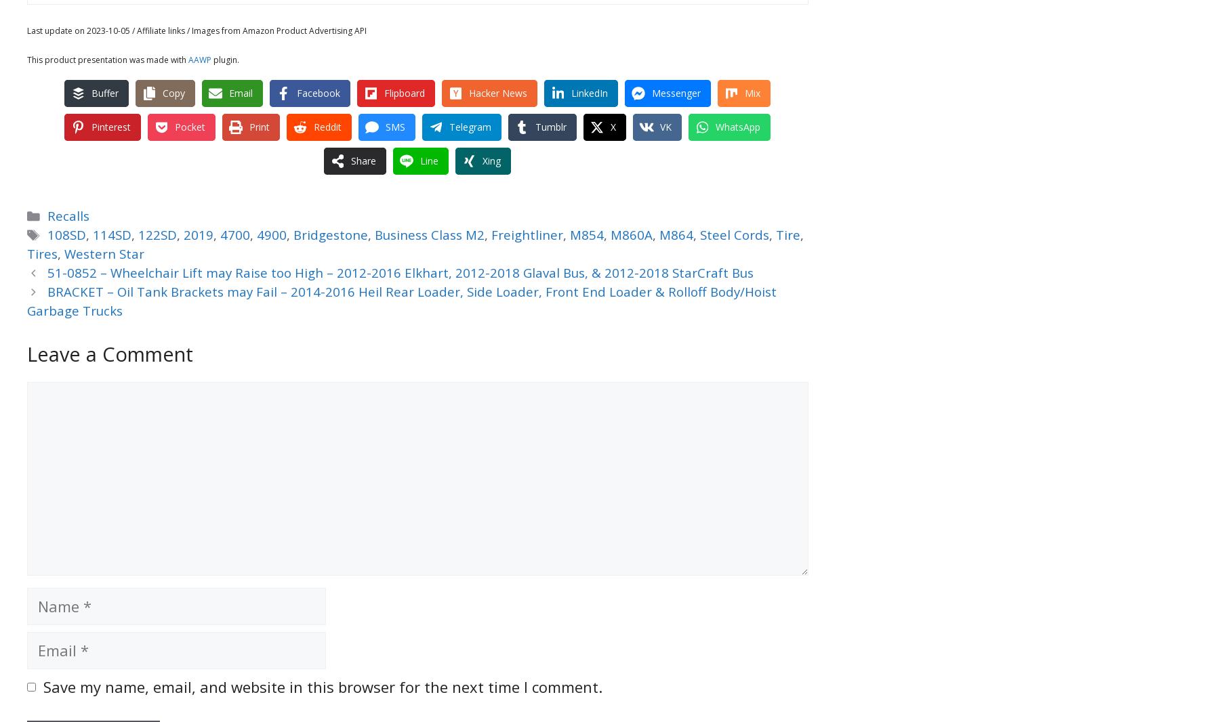 This screenshot has height=722, width=1209. I want to click on 'Facebook', so click(295, 91).